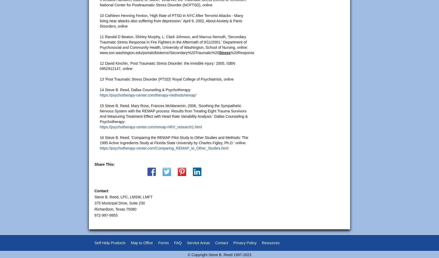 The width and height of the screenshot is (439, 258). Describe the element at coordinates (123, 197) in the screenshot. I see `'Steve B. Reed, LPC, LMSW, LMFT'` at that location.